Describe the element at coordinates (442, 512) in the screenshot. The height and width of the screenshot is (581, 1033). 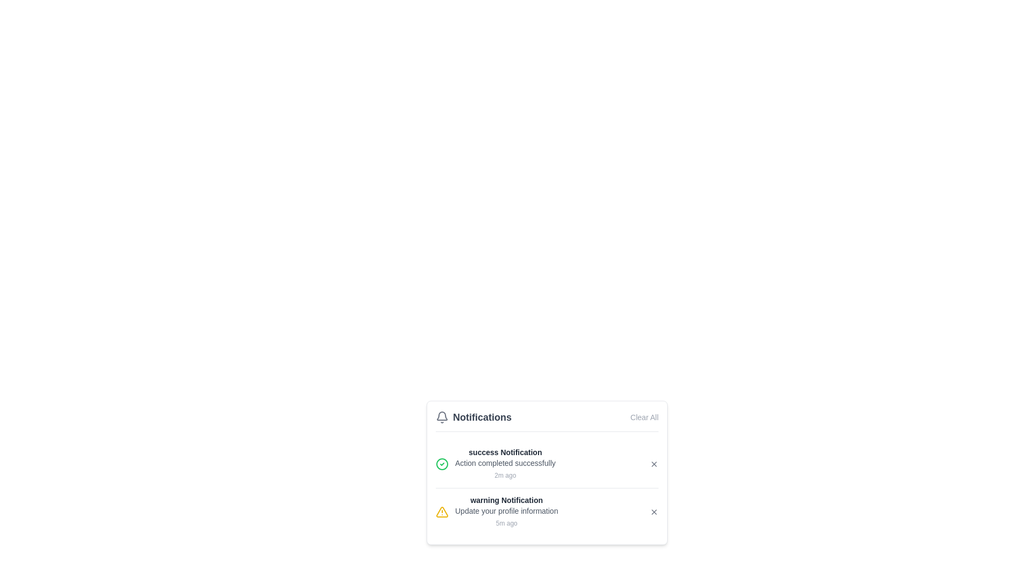
I see `the warning notification item associated with the triangular icon that has a yellow border and an exclamation mark inside it, indicating a warning or alert` at that location.